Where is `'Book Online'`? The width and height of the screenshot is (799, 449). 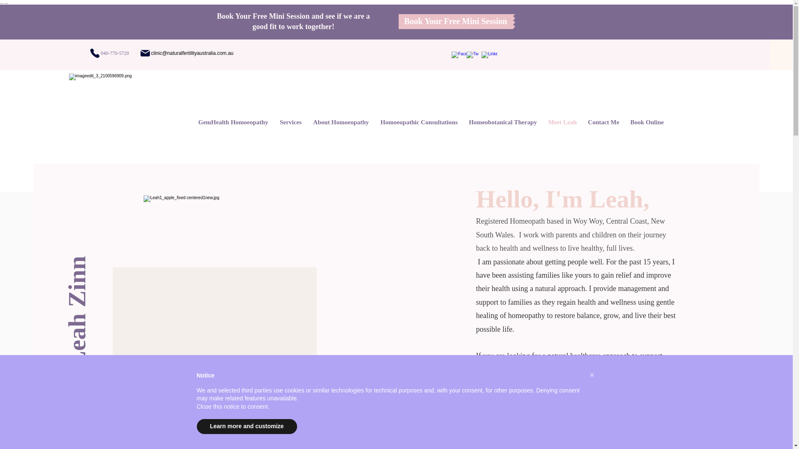
'Book Online' is located at coordinates (647, 122).